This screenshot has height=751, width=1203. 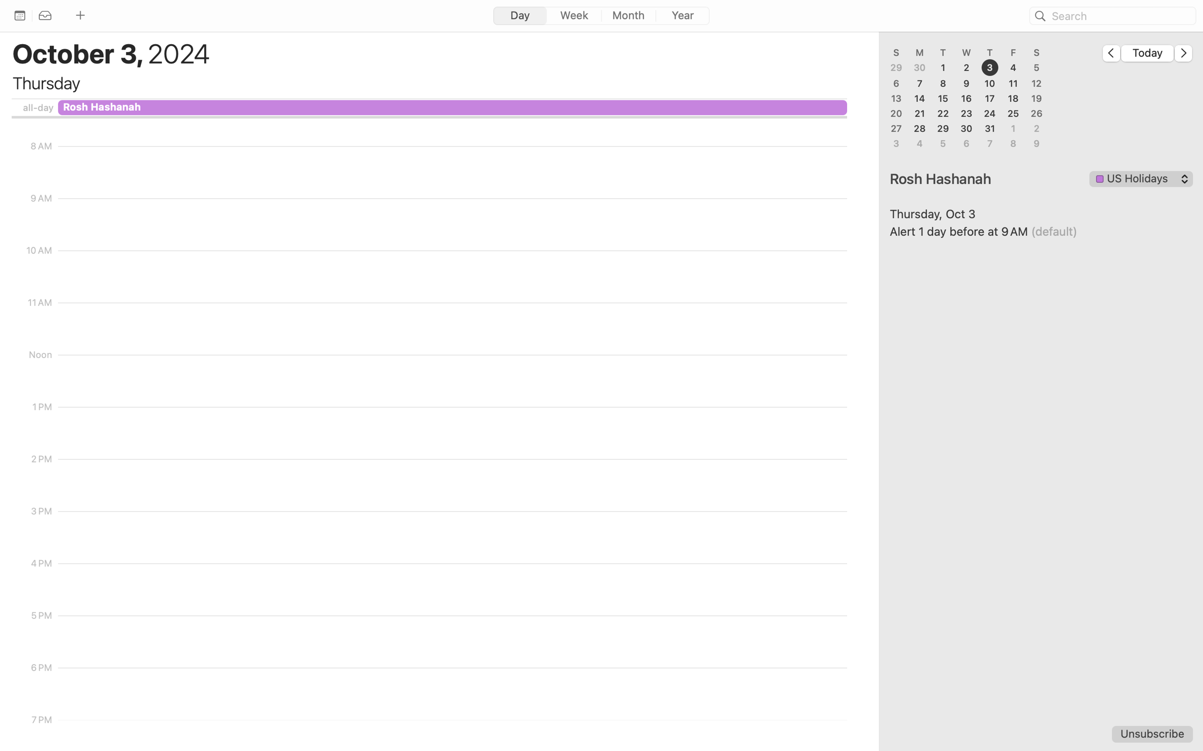 I want to click on '19', so click(x=1036, y=98).